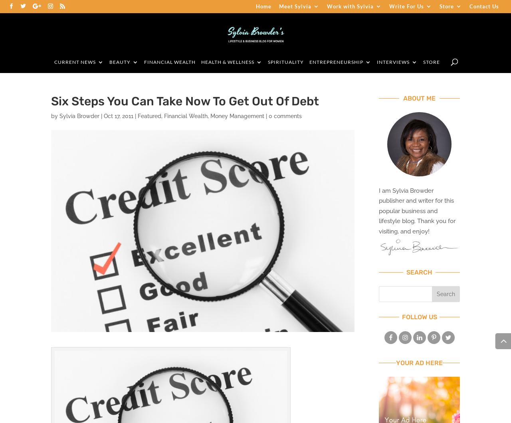  I want to click on 'Fitness', so click(219, 98).